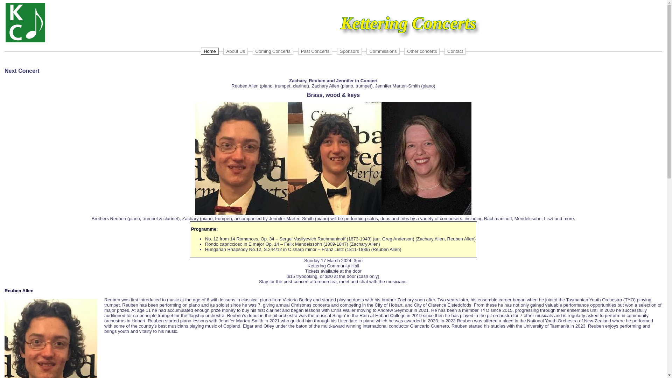  What do you see at coordinates (252, 51) in the screenshot?
I see `'Coming Concerts'` at bounding box center [252, 51].